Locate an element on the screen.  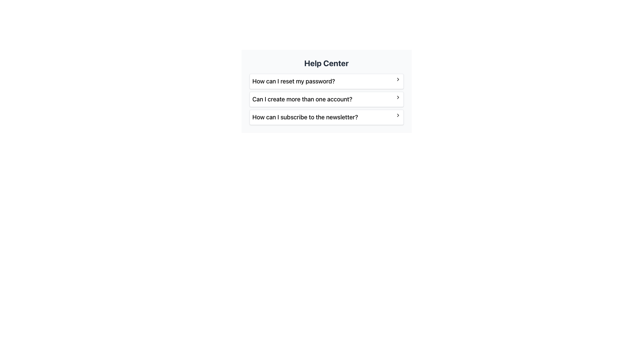
the clickable text label with an icon at the top of the Help Center list is located at coordinates (326, 81).